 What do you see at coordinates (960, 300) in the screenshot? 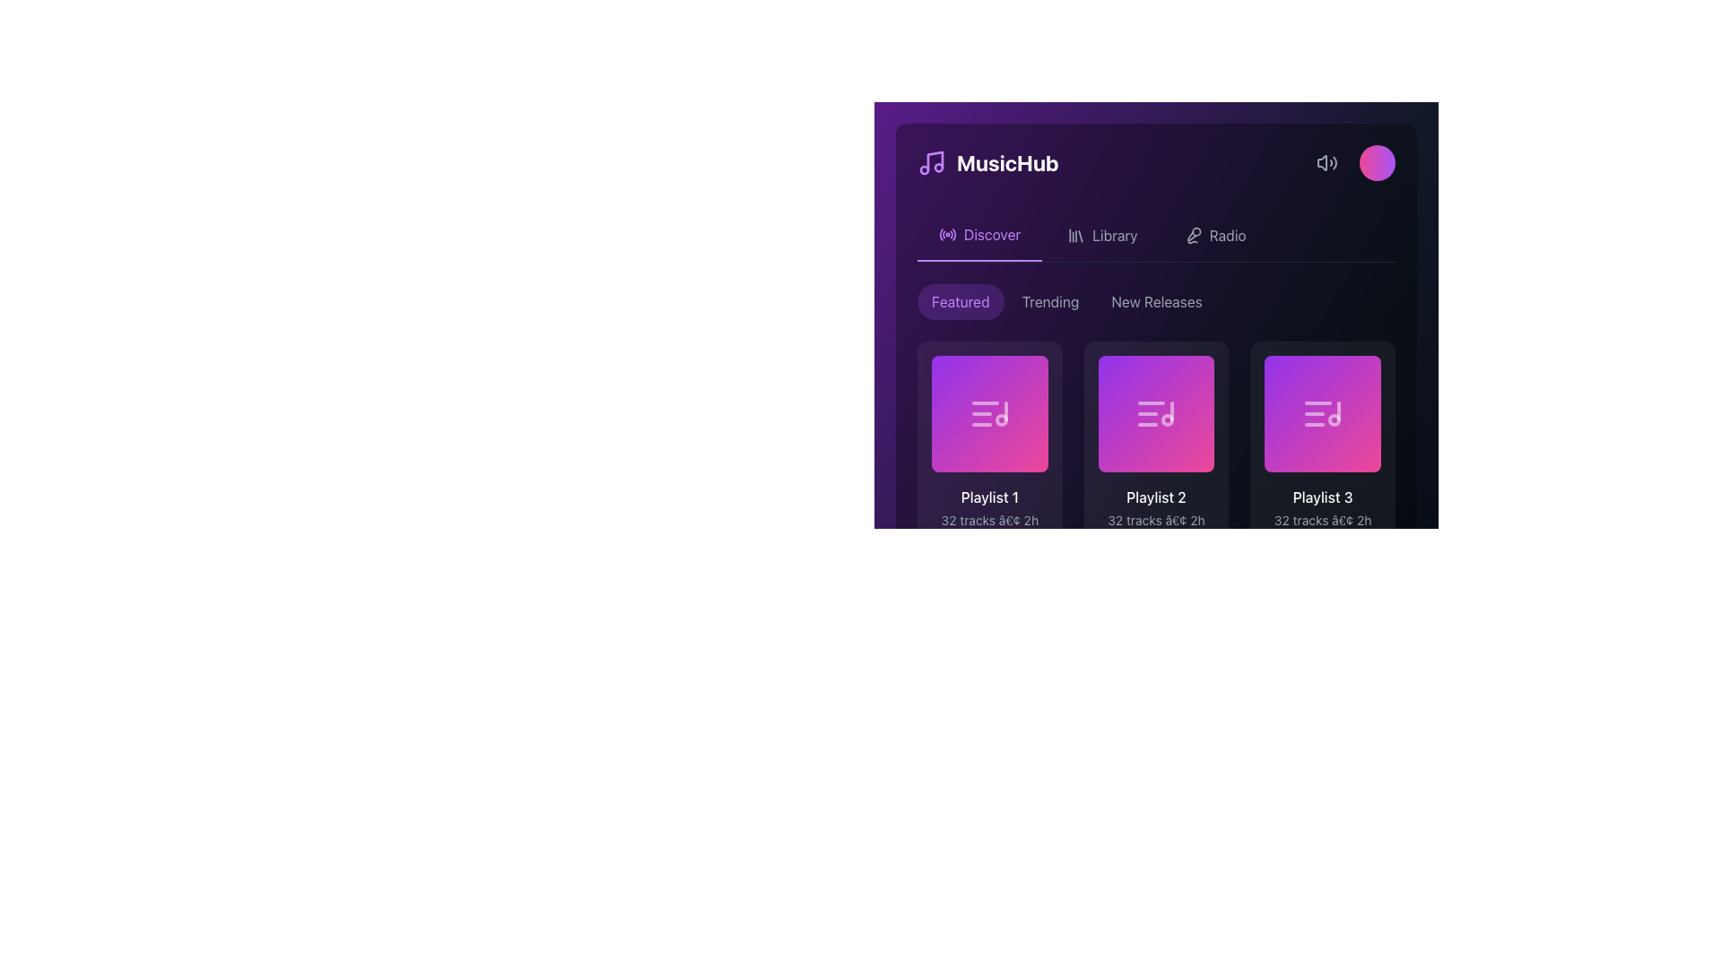
I see `the 'Featured' button, which is the first button in a horizontal group and positioned below the main navigation bar, to observe its hover effect` at bounding box center [960, 300].